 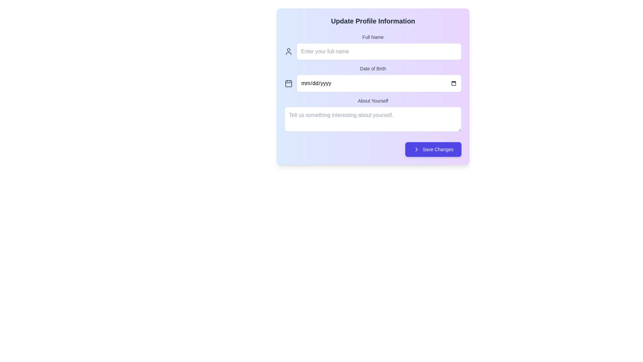 What do you see at coordinates (372, 68) in the screenshot?
I see `the 'Date of Birth' label that guides users to input their date of birth for tooltips` at bounding box center [372, 68].